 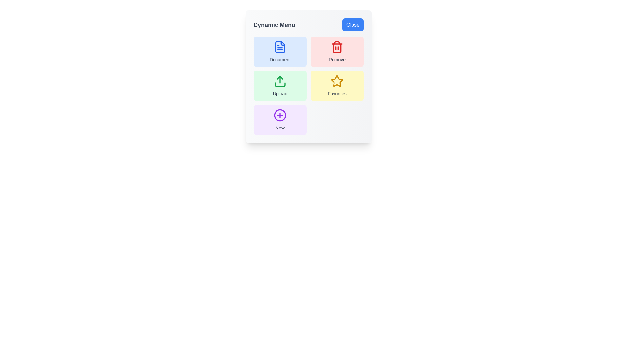 I want to click on the text label within the blue tile in the upper-left corner that describes the 'Document' functionality, located beneath the document icon, so click(x=280, y=59).